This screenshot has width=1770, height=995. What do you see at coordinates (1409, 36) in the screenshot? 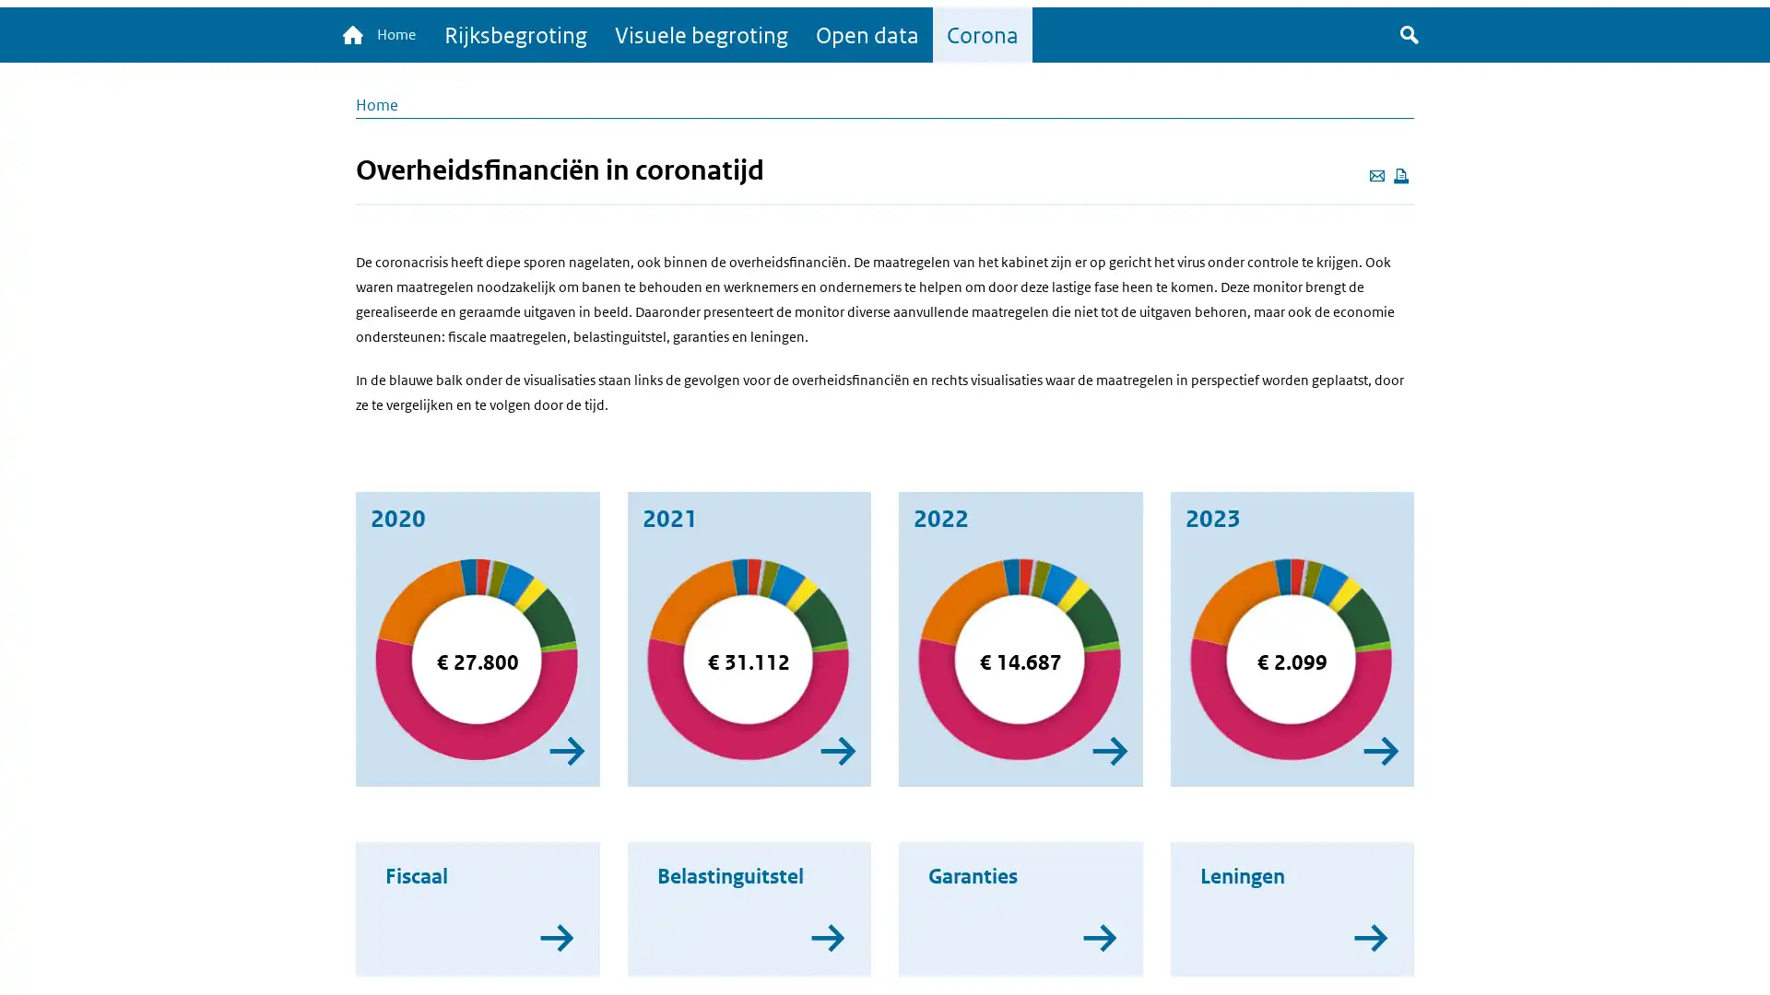
I see `Zoek` at bounding box center [1409, 36].